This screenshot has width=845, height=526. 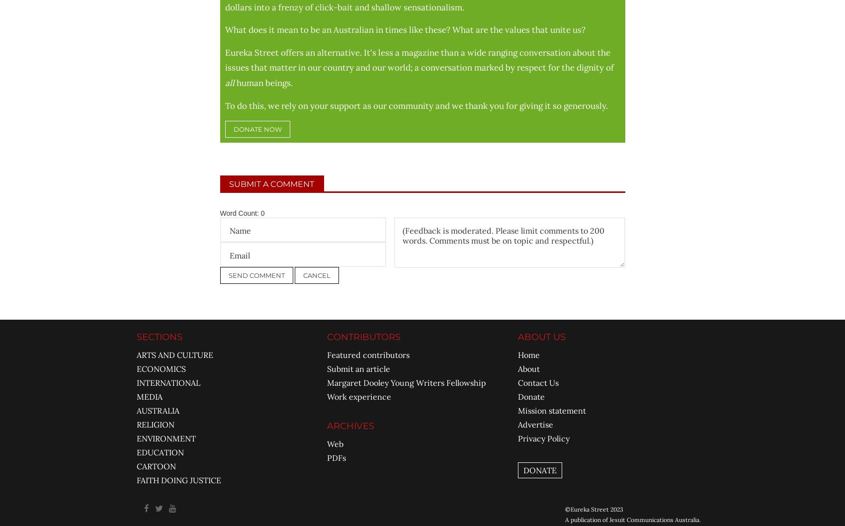 I want to click on 'Featured contributors', so click(x=368, y=354).